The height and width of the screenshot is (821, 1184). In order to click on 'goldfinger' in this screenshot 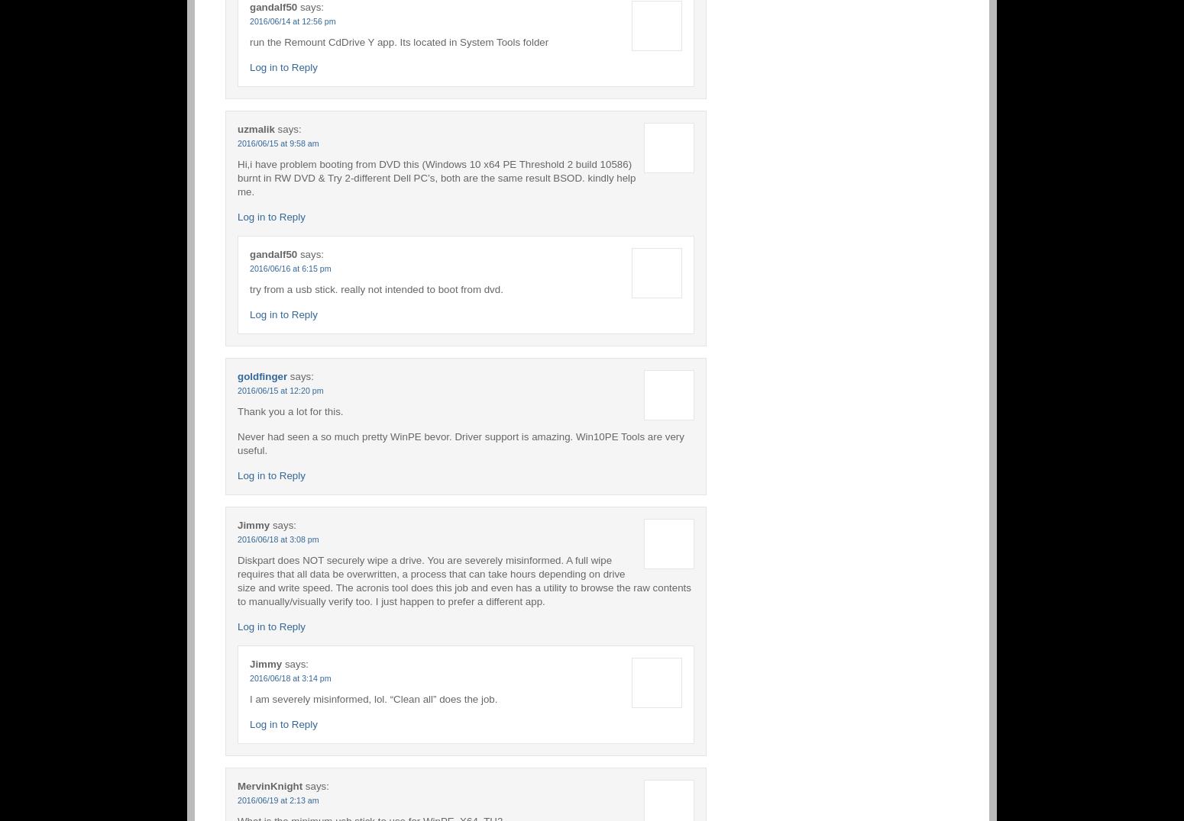, I will do `click(237, 375)`.